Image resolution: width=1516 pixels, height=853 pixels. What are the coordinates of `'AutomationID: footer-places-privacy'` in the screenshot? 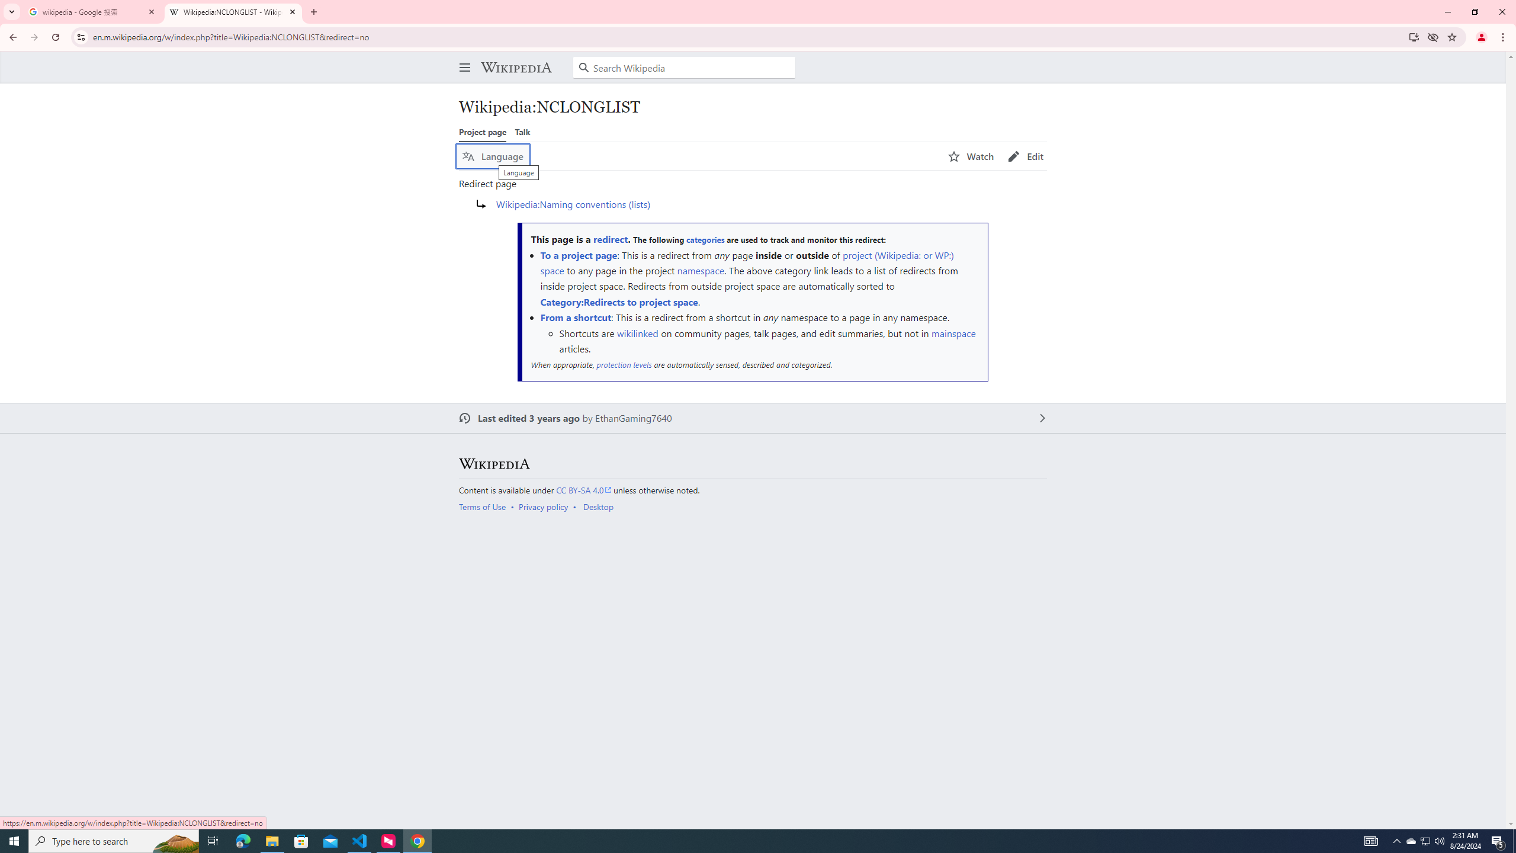 It's located at (547, 506).